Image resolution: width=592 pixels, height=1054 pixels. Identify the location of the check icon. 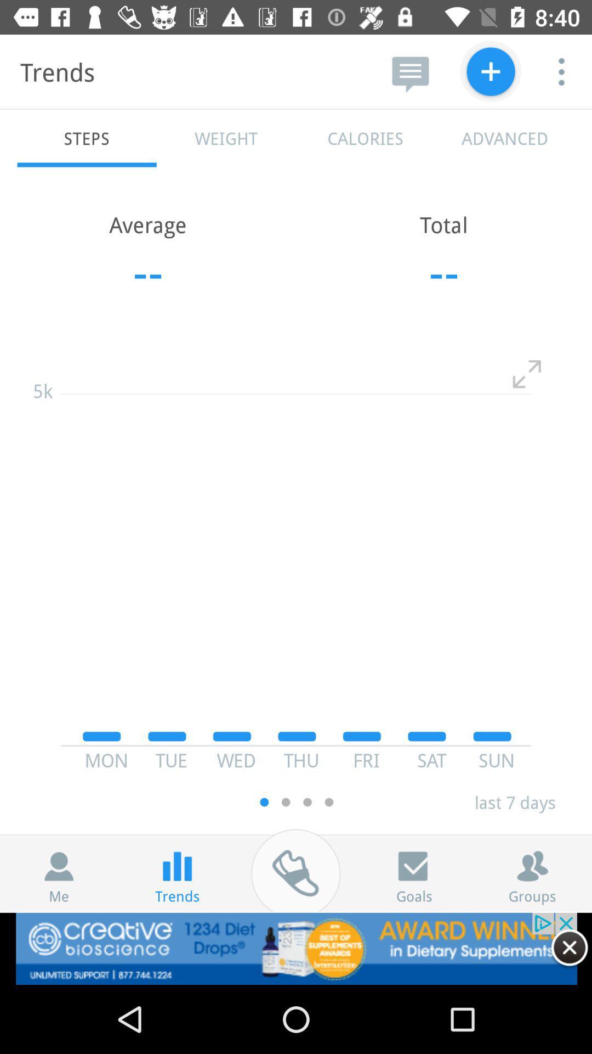
(414, 866).